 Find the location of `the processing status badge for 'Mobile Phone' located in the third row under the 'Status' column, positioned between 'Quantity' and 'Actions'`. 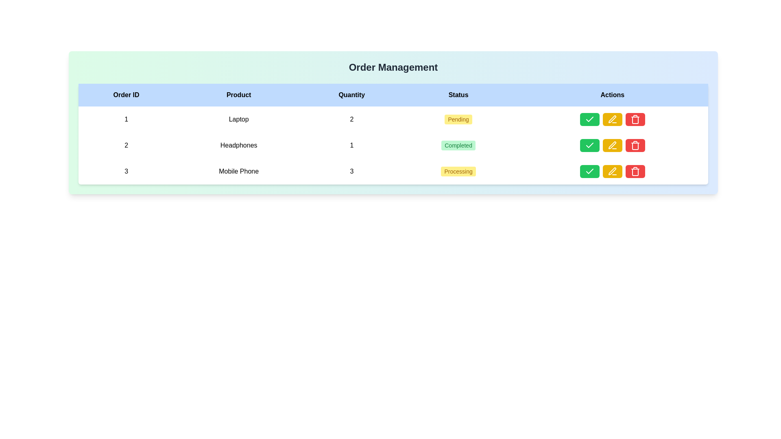

the processing status badge for 'Mobile Phone' located in the third row under the 'Status' column, positioned between 'Quantity' and 'Actions' is located at coordinates (458, 171).